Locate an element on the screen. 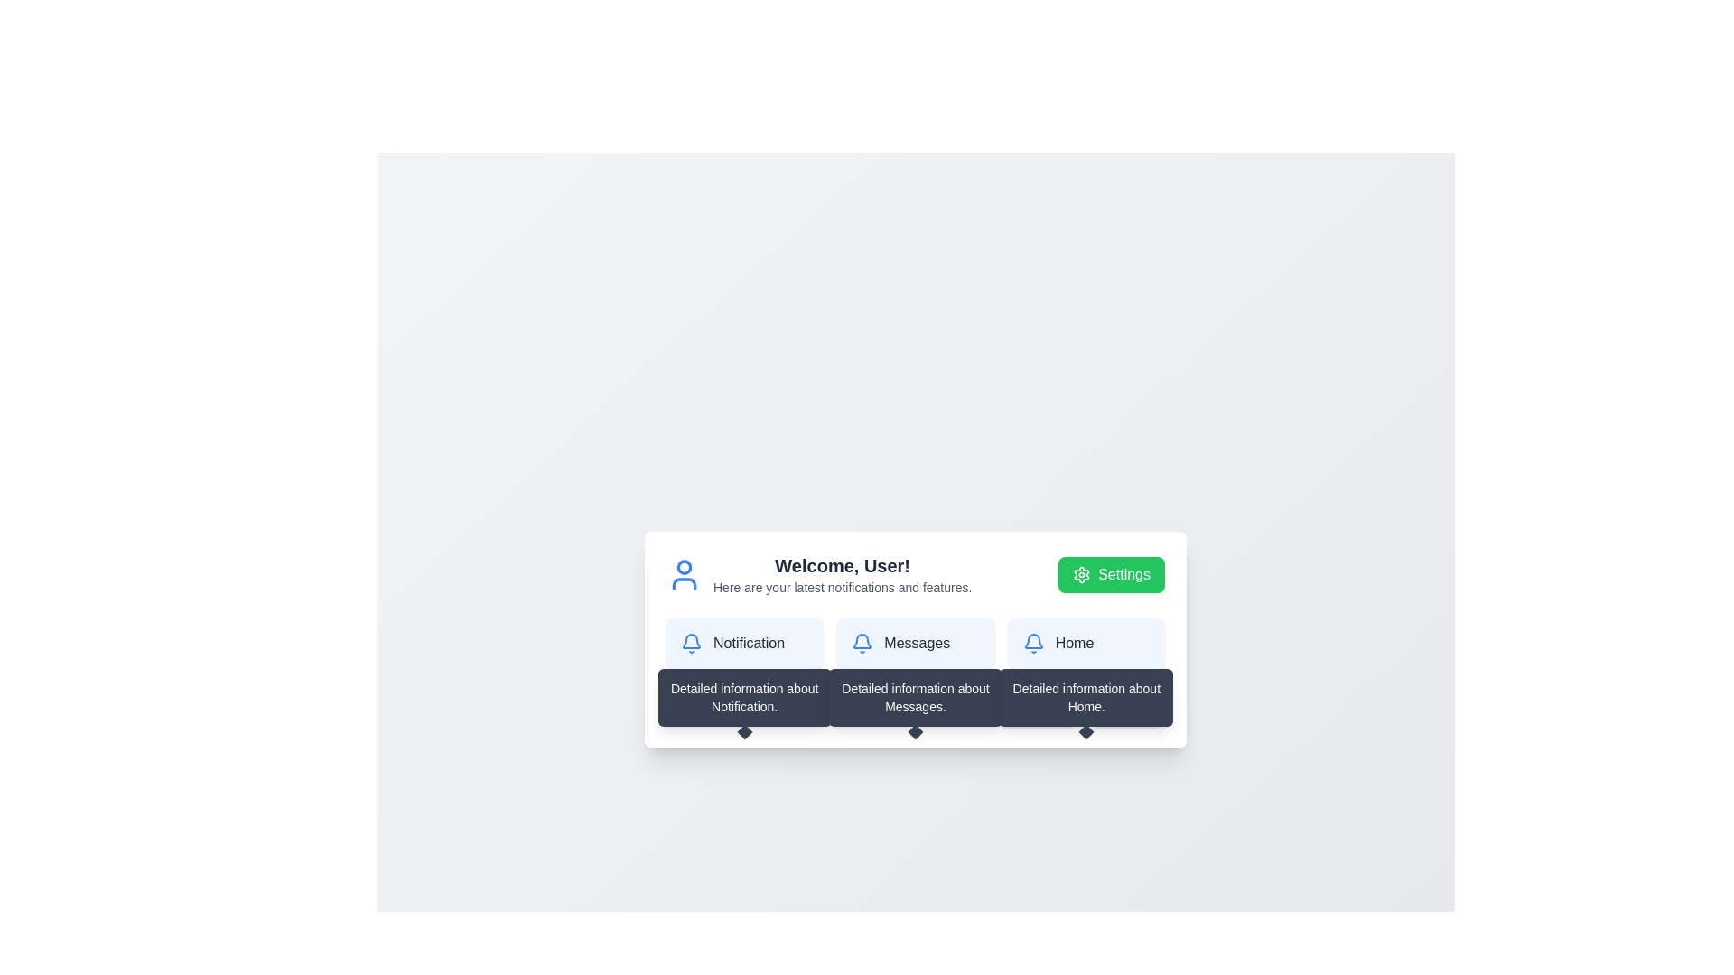 This screenshot has width=1734, height=975. the Information Card that provides access to detailed information about 'Messages', located centrally between the 'Notification' card and the 'Home' card, which is the second card in a row of three cards under the 'Welcome, User!' header is located at coordinates (915, 639).